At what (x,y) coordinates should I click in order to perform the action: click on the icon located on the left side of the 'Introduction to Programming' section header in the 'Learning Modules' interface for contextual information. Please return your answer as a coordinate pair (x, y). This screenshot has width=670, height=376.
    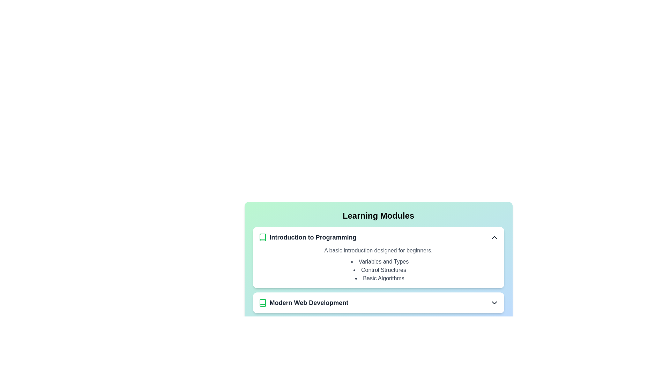
    Looking at the image, I should click on (262, 237).